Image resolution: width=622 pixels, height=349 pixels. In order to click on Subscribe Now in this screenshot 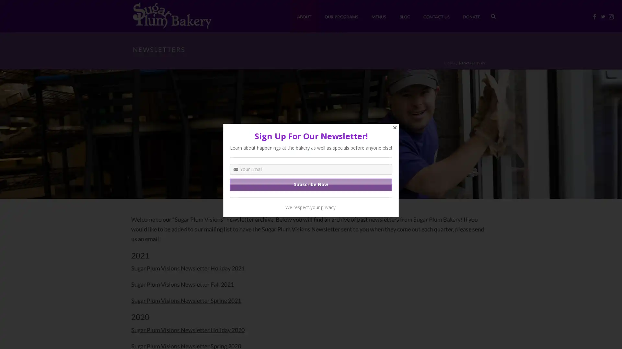, I will do `click(311, 184)`.